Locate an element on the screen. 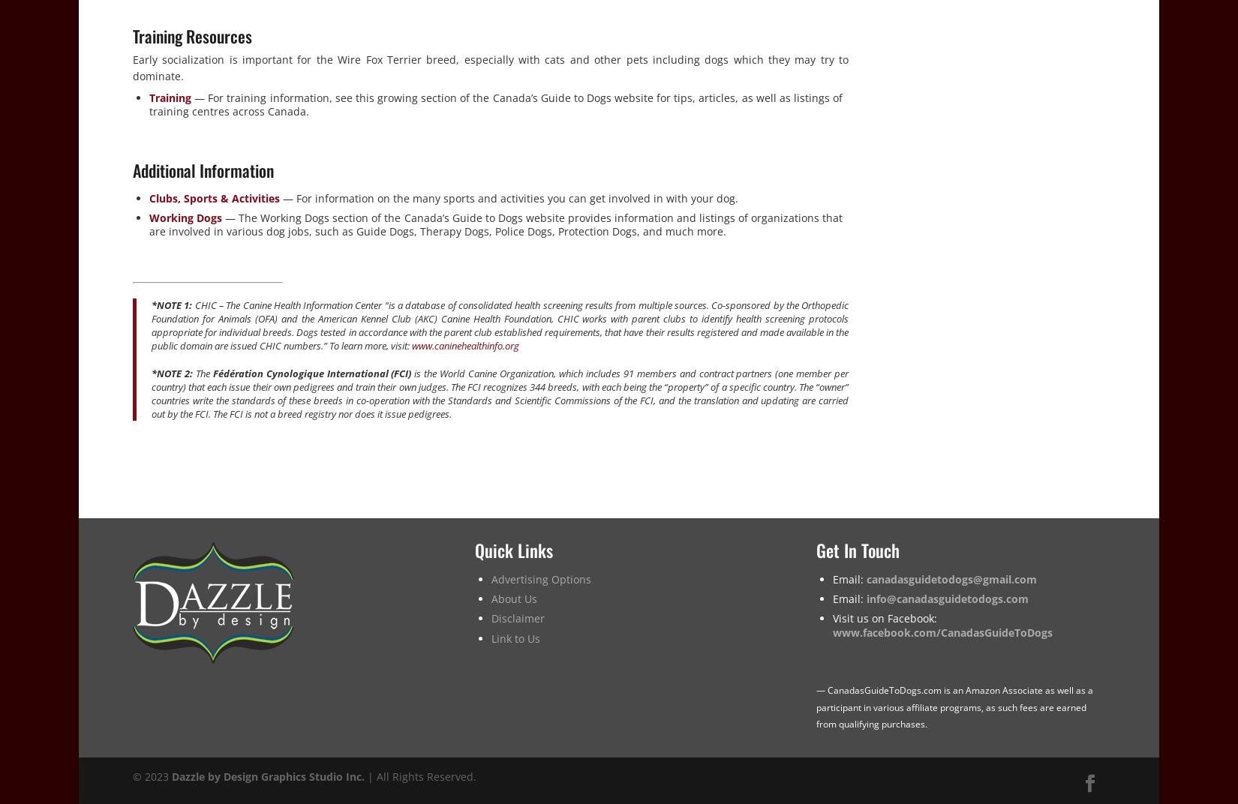 Image resolution: width=1238 pixels, height=804 pixels. 'Visit us on Facebook:' is located at coordinates (885, 617).